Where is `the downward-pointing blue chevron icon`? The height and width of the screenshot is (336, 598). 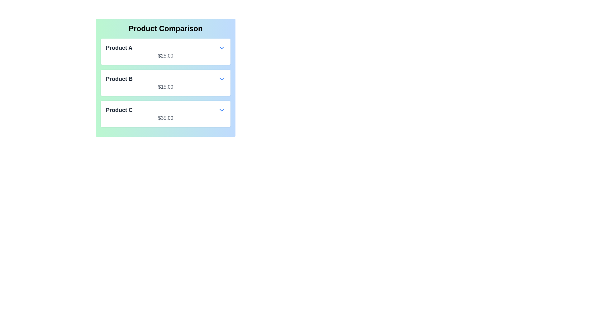
the downward-pointing blue chevron icon is located at coordinates (221, 110).